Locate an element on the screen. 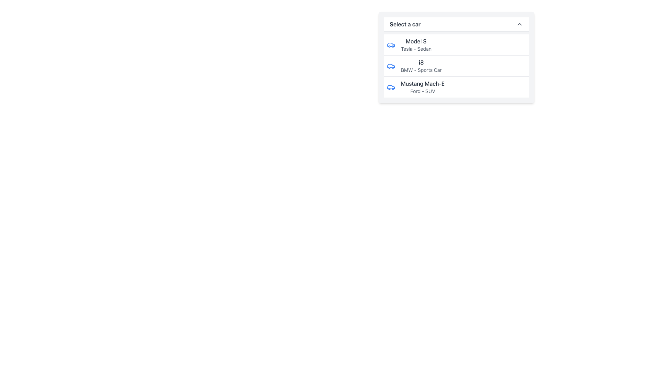 This screenshot has width=667, height=375. label indicating the selection of a car model from the dropdown menu, which is centrally aligned and located towards the upper section of the dropdown, to the left of a chevron icon is located at coordinates (405, 24).